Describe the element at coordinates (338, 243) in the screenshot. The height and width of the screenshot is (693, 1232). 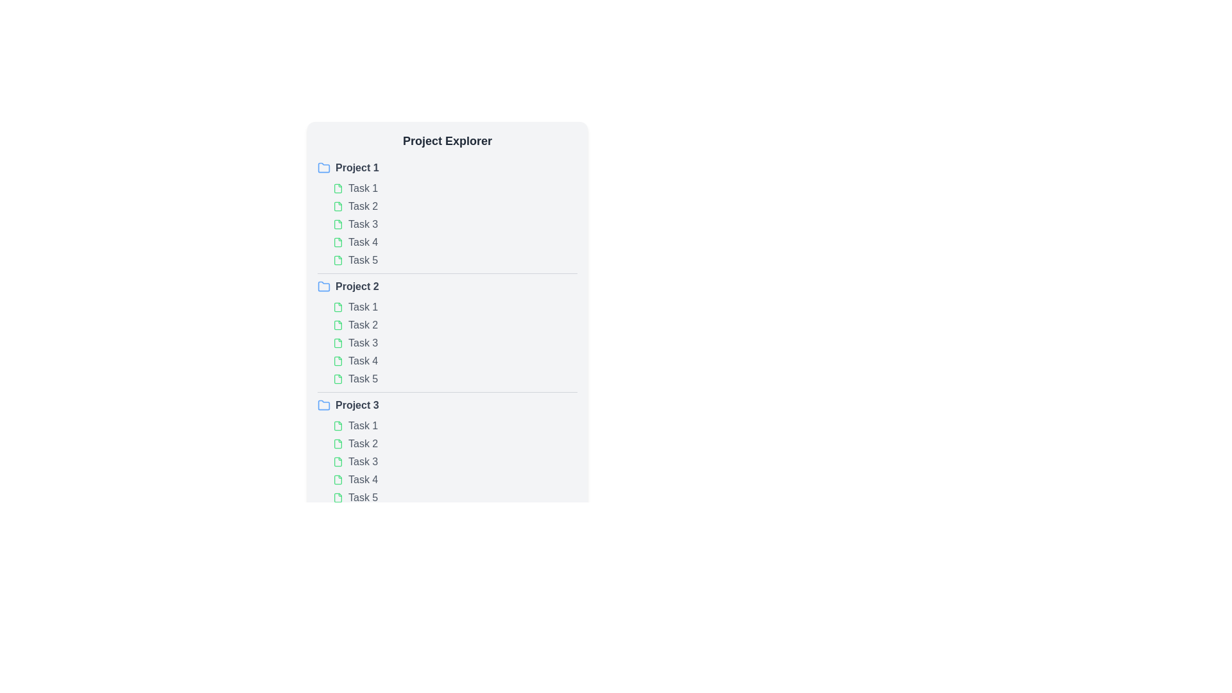
I see `the document icon with a thin green outline, located in the fourth task of 'Project 1'` at that location.